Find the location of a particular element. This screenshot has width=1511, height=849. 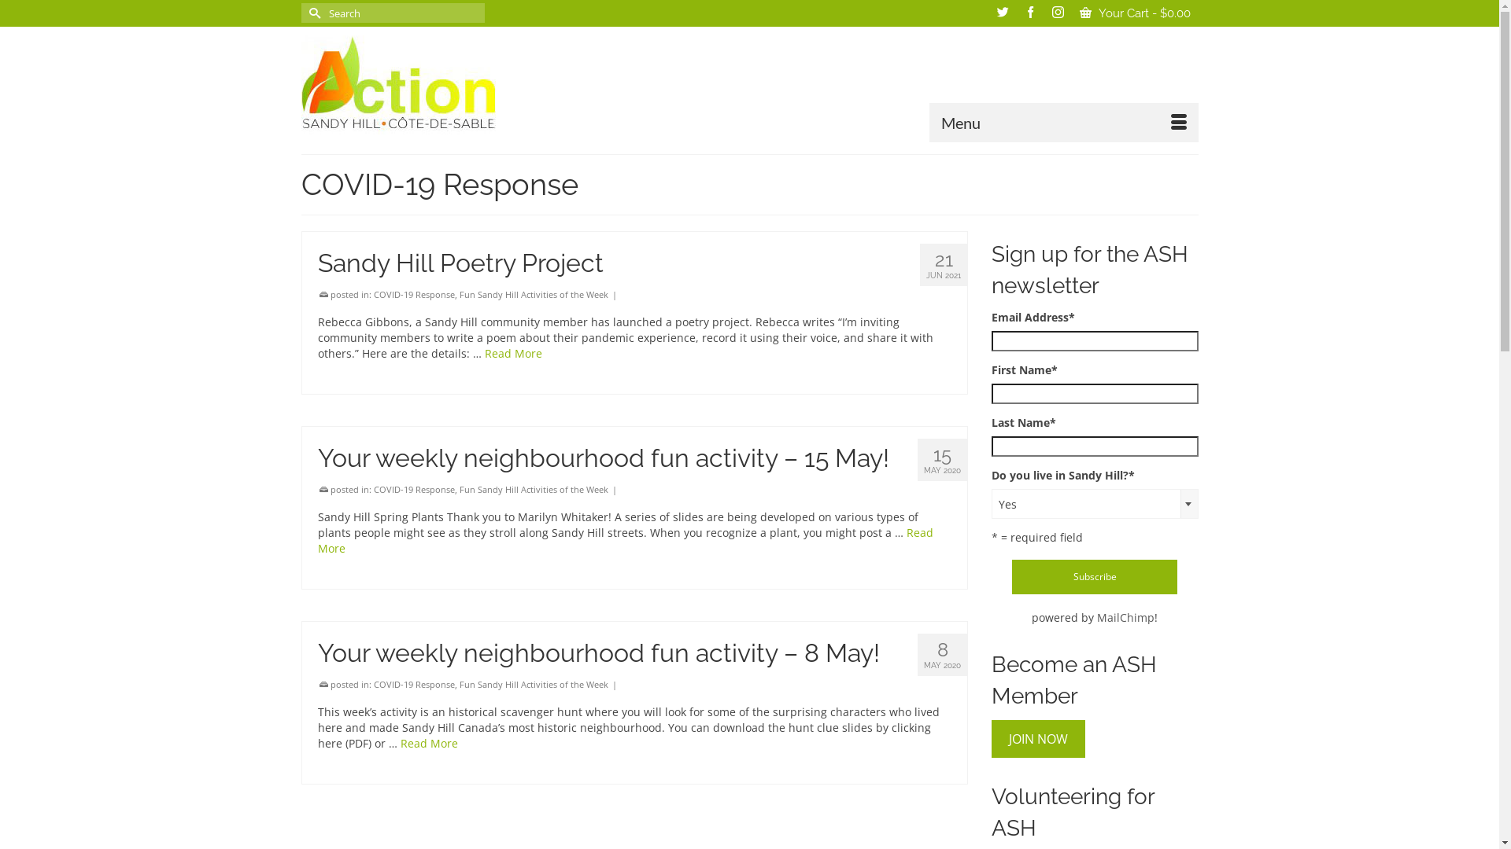

'ASH-ACS' is located at coordinates (301, 85).